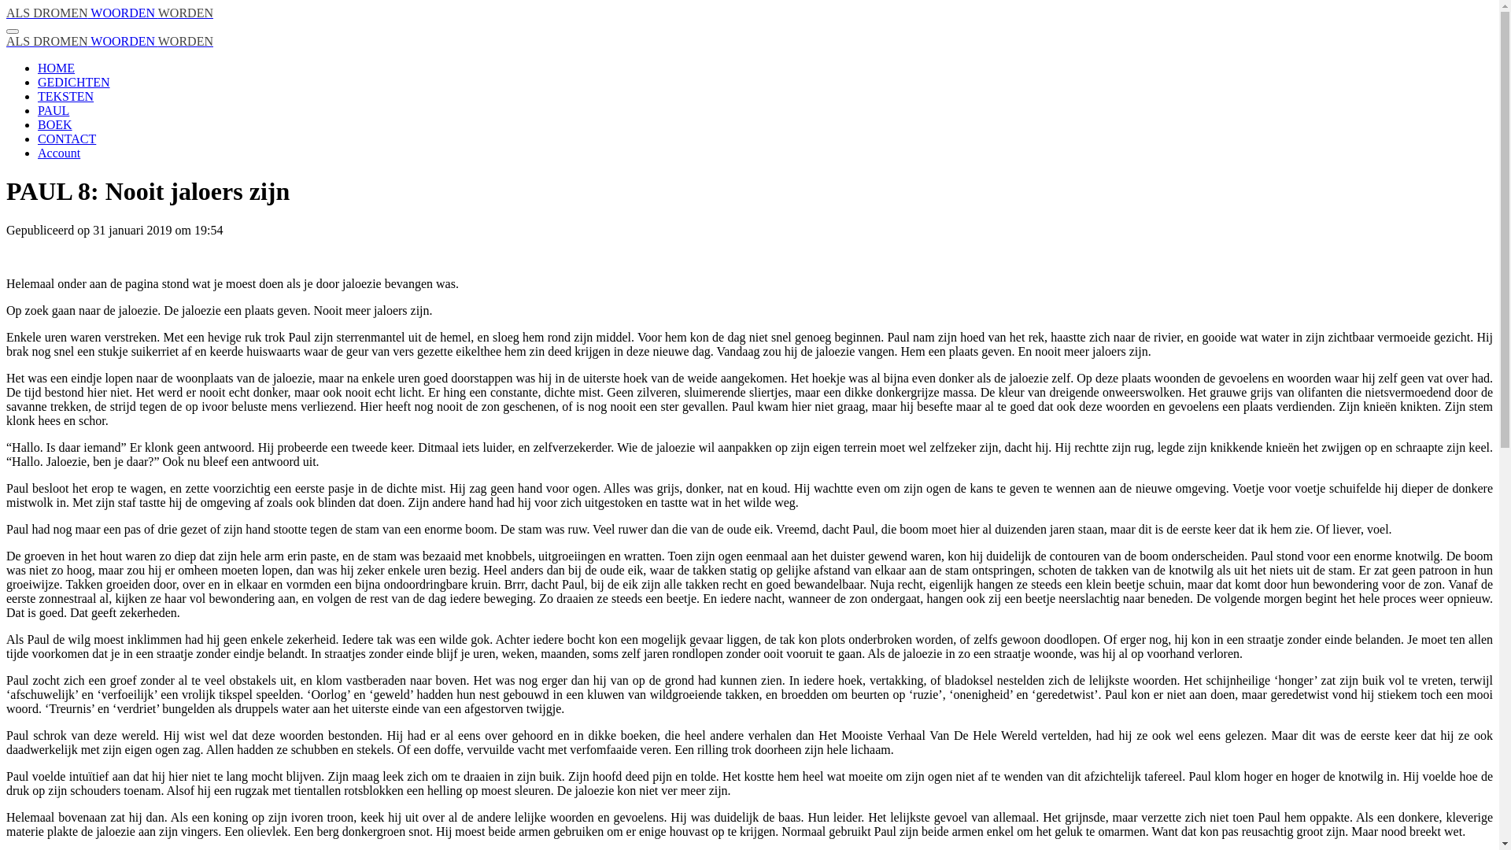 Image resolution: width=1511 pixels, height=850 pixels. I want to click on 'PAUL', so click(53, 109).